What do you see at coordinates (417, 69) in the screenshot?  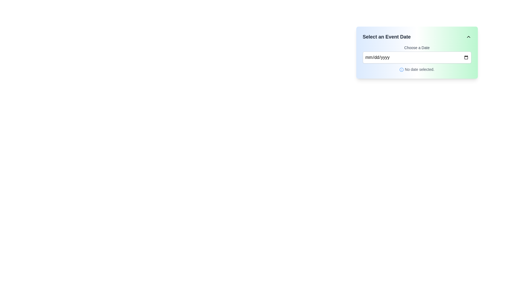 I see `the label displaying 'No date selected.' which is styled in gray and located below the date input field` at bounding box center [417, 69].